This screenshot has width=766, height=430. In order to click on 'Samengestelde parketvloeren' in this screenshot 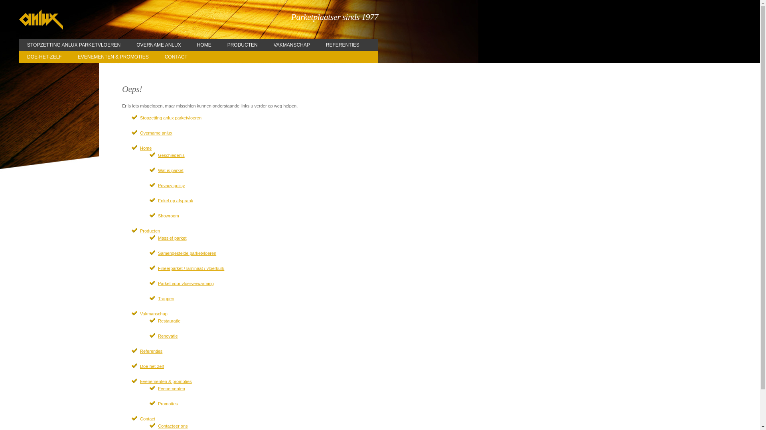, I will do `click(158, 253)`.